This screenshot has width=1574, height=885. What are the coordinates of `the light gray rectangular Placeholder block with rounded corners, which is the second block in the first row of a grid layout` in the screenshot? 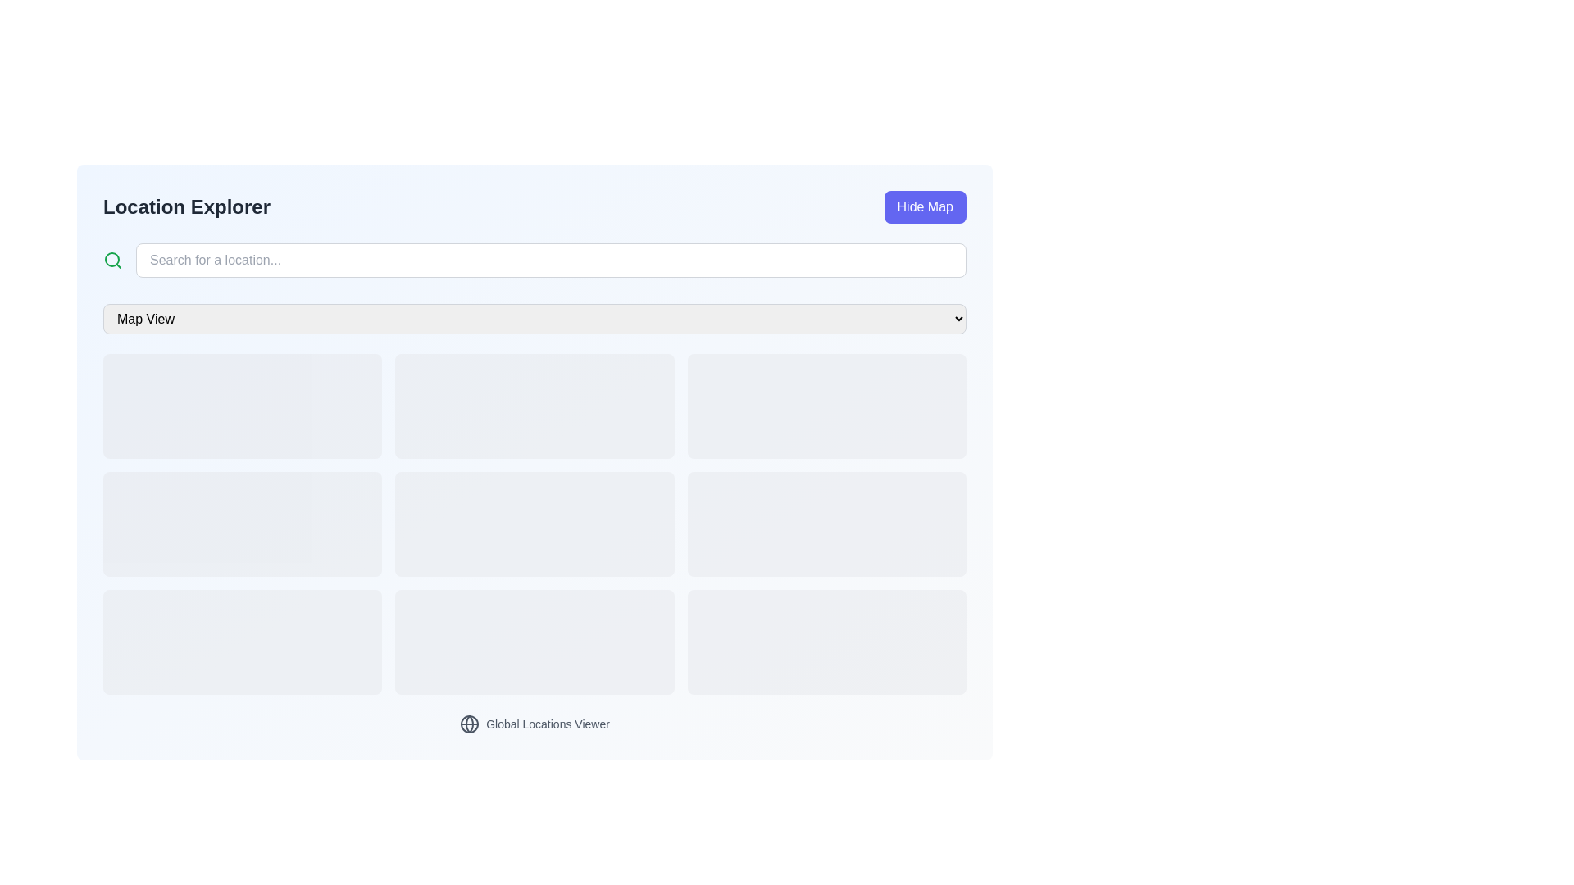 It's located at (535, 406).